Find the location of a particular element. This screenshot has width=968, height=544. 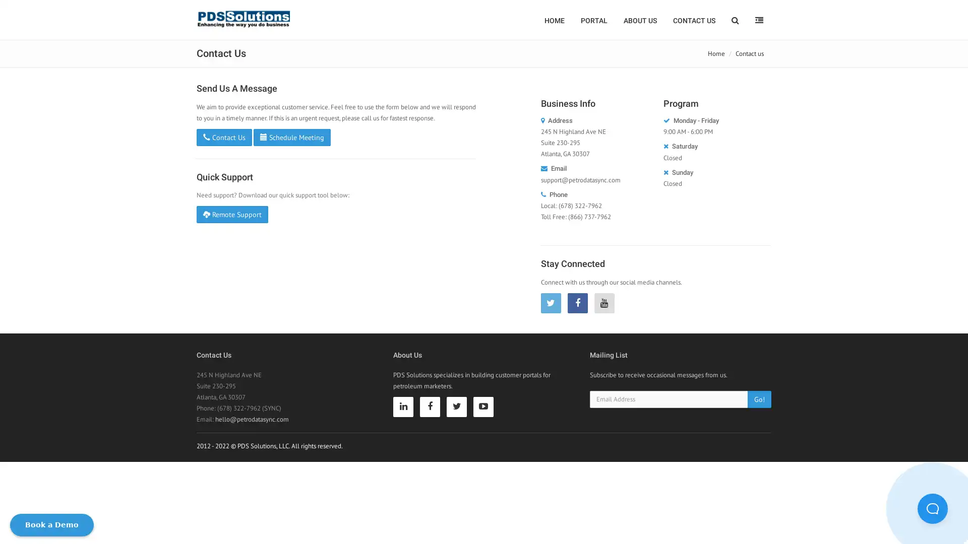

Go! is located at coordinates (759, 398).